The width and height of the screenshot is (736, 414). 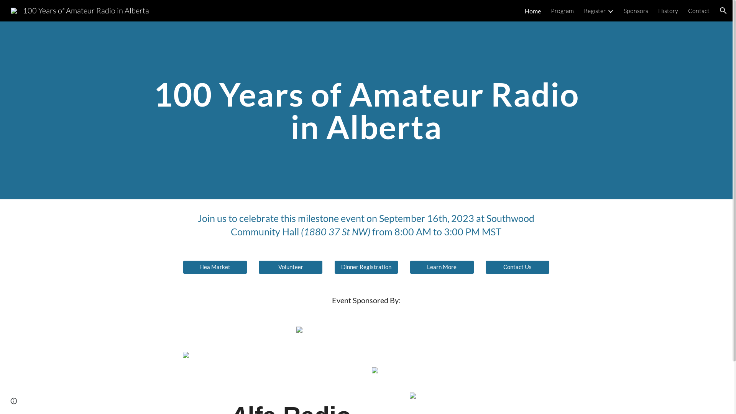 What do you see at coordinates (290, 267) in the screenshot?
I see `'Volunteer'` at bounding box center [290, 267].